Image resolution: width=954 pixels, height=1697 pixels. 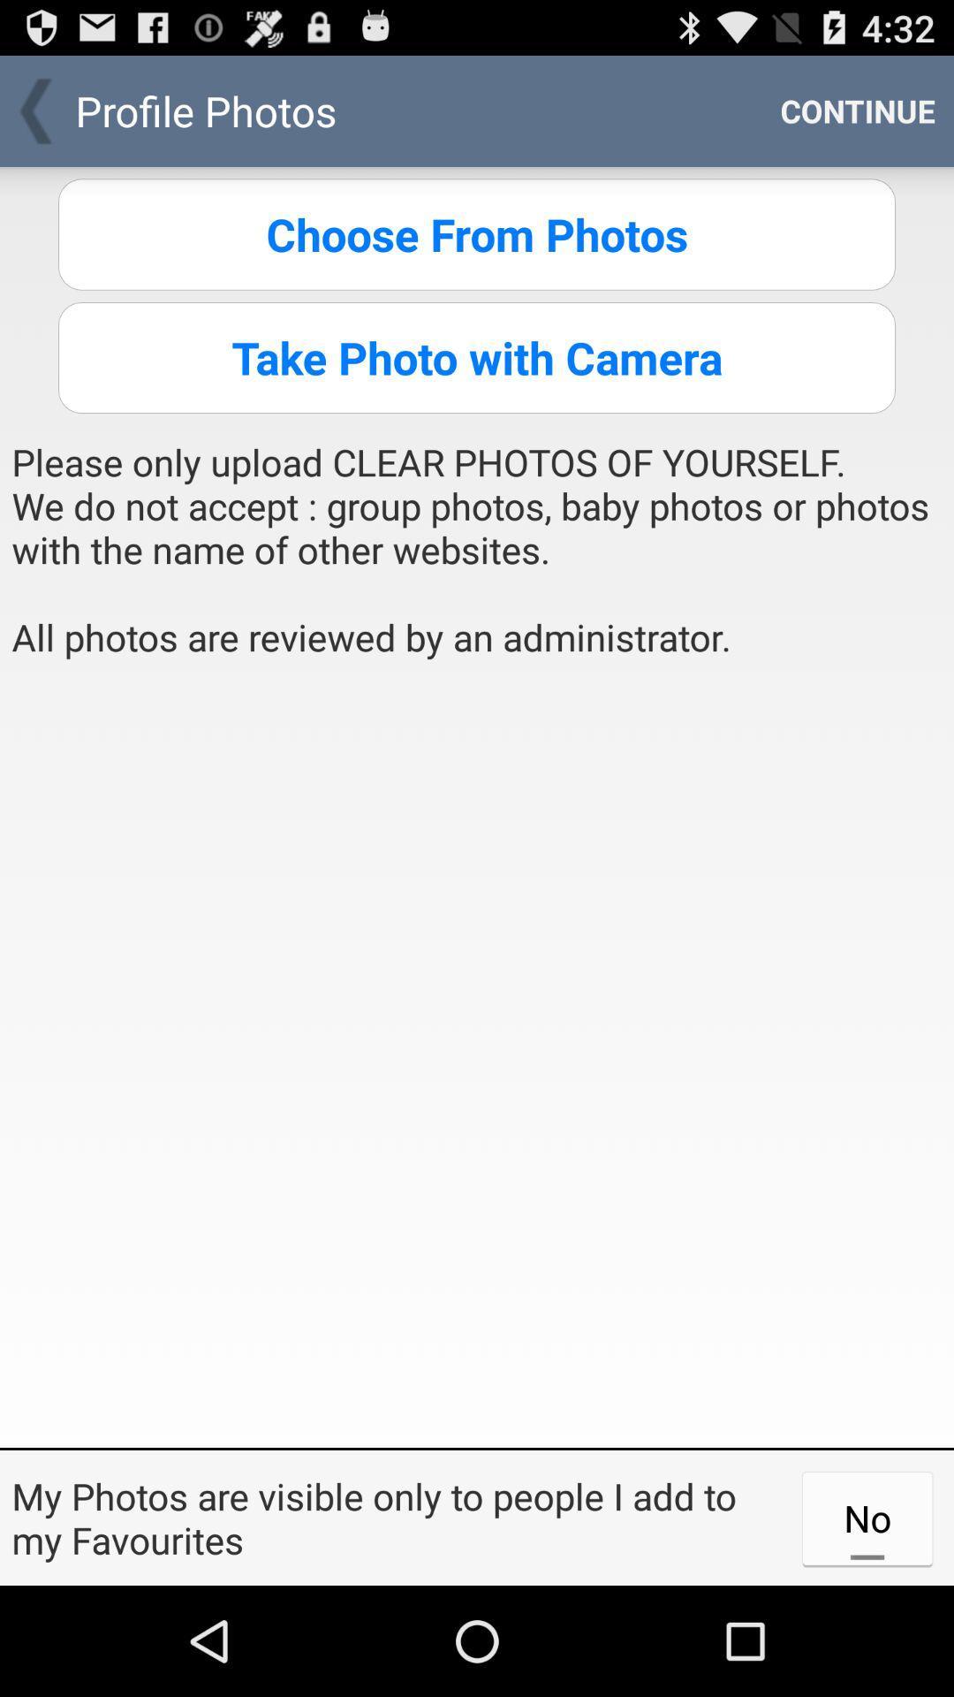 I want to click on the continue, so click(x=857, y=110).